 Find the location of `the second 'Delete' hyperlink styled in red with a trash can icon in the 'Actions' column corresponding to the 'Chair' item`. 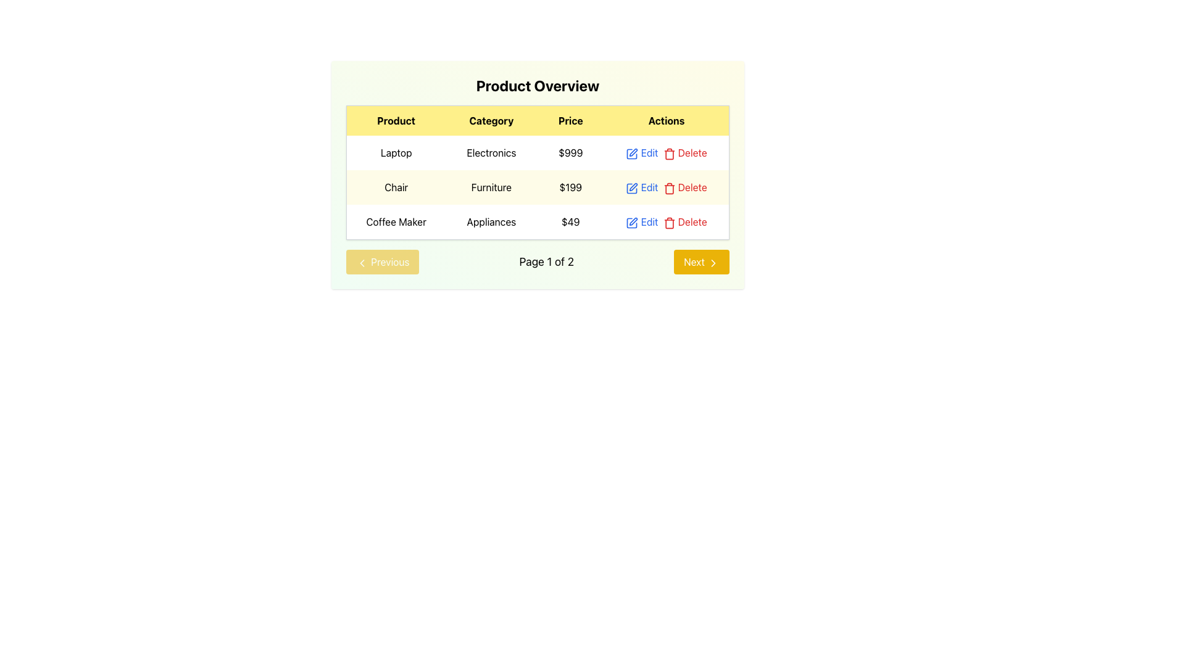

the second 'Delete' hyperlink styled in red with a trash can icon in the 'Actions' column corresponding to the 'Chair' item is located at coordinates (684, 187).